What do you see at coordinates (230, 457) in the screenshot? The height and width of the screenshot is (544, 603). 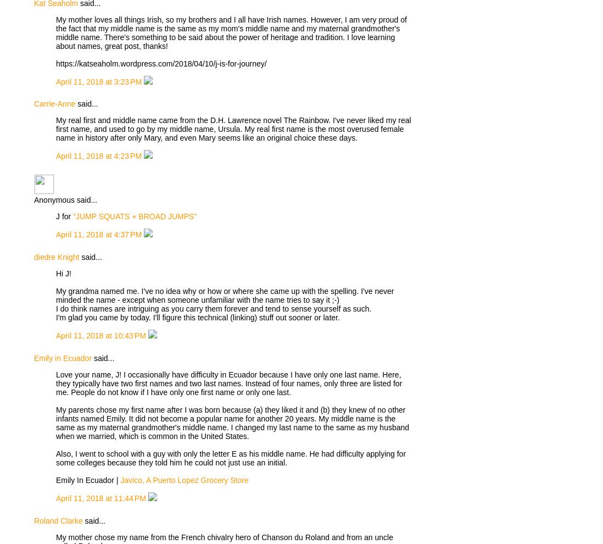 I see `'Also, I went to school with a guy with only the letter E as his middle name. He had difficulty applying for some colleges because they told him he could not just use an initial.'` at bounding box center [230, 457].